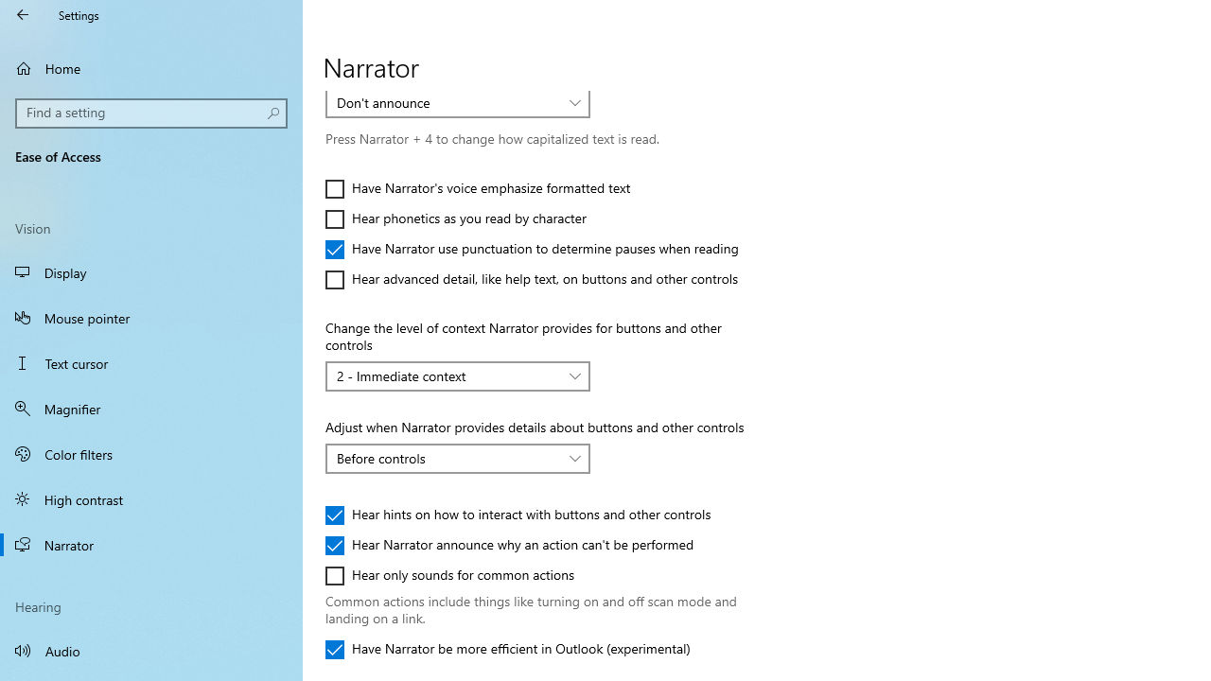 The width and height of the screenshot is (1211, 681). Describe the element at coordinates (151, 316) in the screenshot. I see `'Mouse pointer'` at that location.